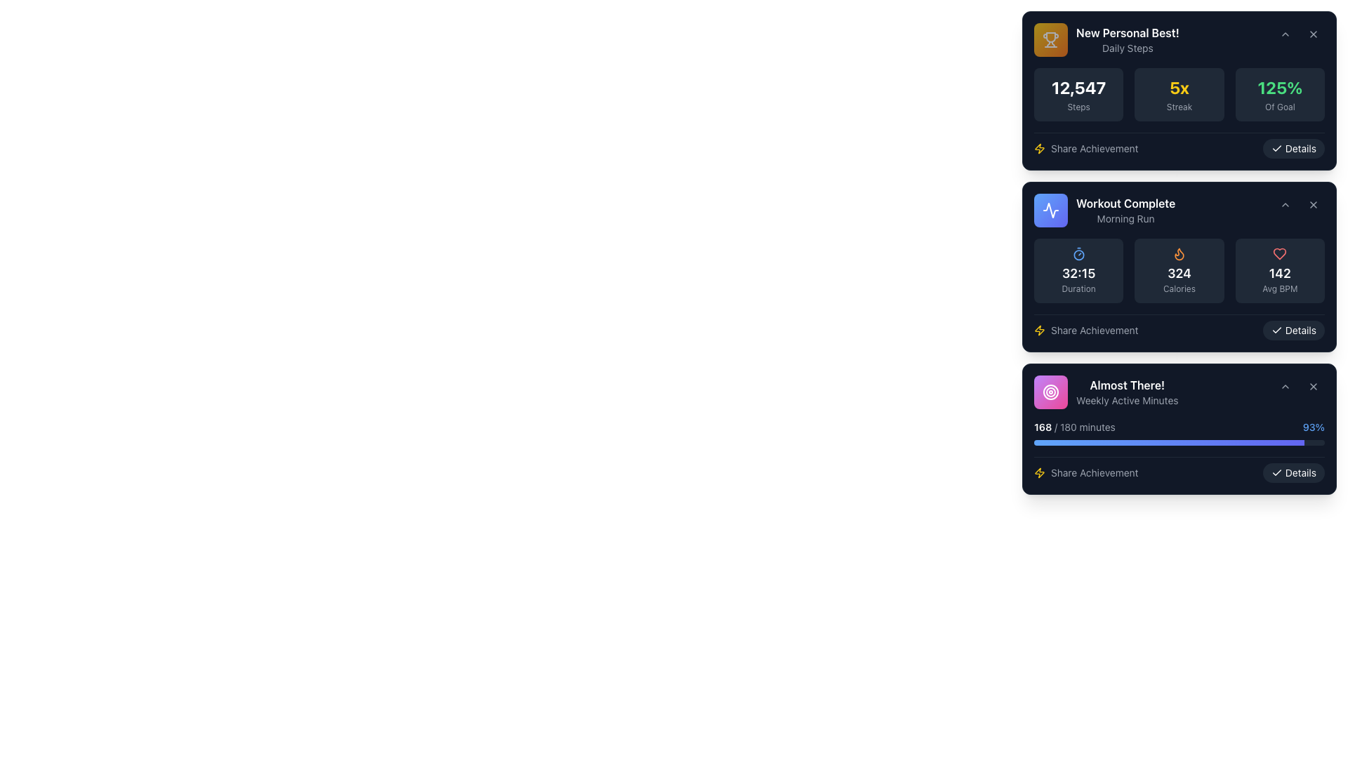  I want to click on the dismiss button shaped like an 'X' located at the upper-right corner of the 'New Personal Best!' achievement card, so click(1313, 34).